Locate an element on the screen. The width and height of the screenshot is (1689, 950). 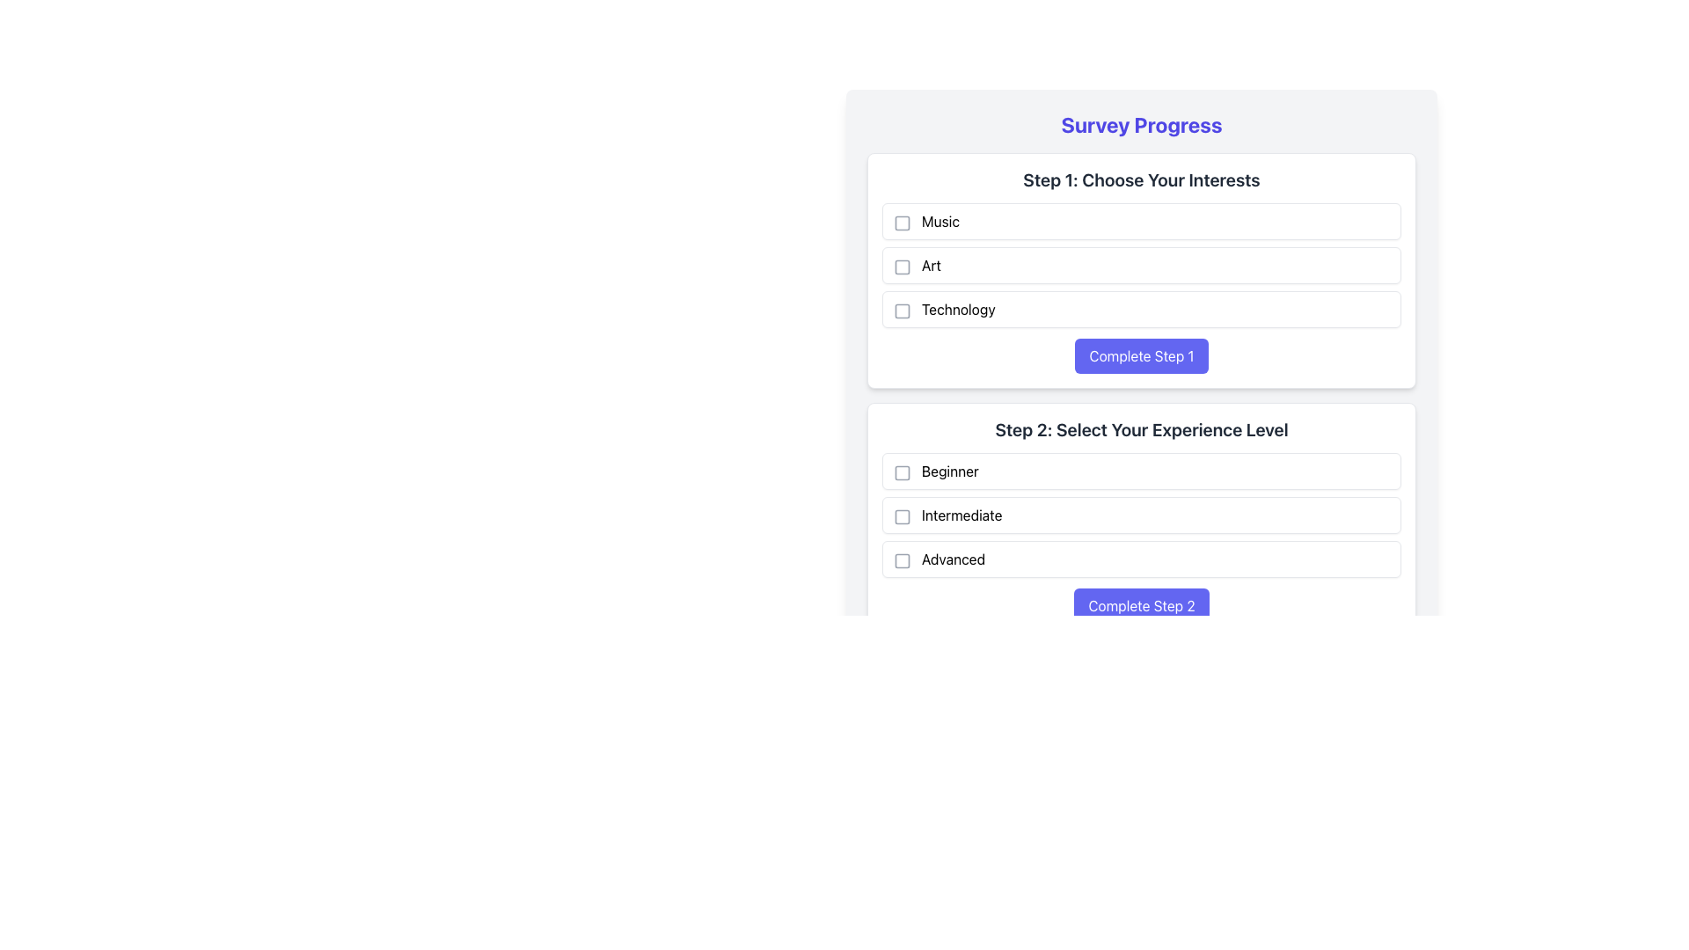
the 'Intermediate' selectable button located under the section labeled 'Step 2: Select Your Experience Level' is located at coordinates (1141, 515).